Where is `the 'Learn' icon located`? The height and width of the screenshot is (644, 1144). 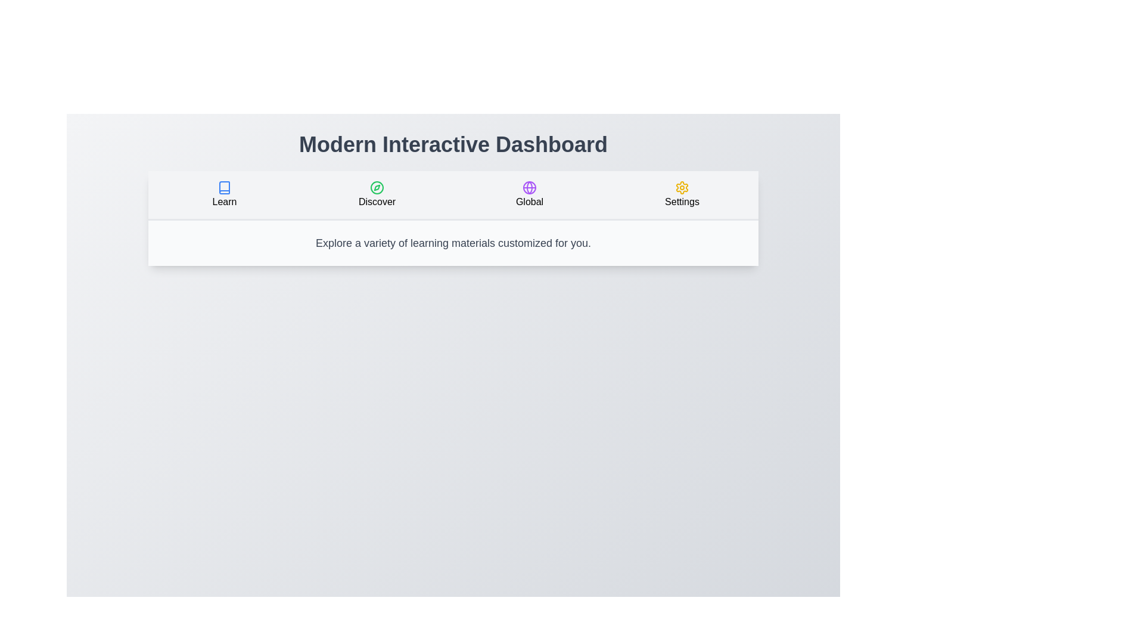 the 'Learn' icon located is located at coordinates (225, 188).